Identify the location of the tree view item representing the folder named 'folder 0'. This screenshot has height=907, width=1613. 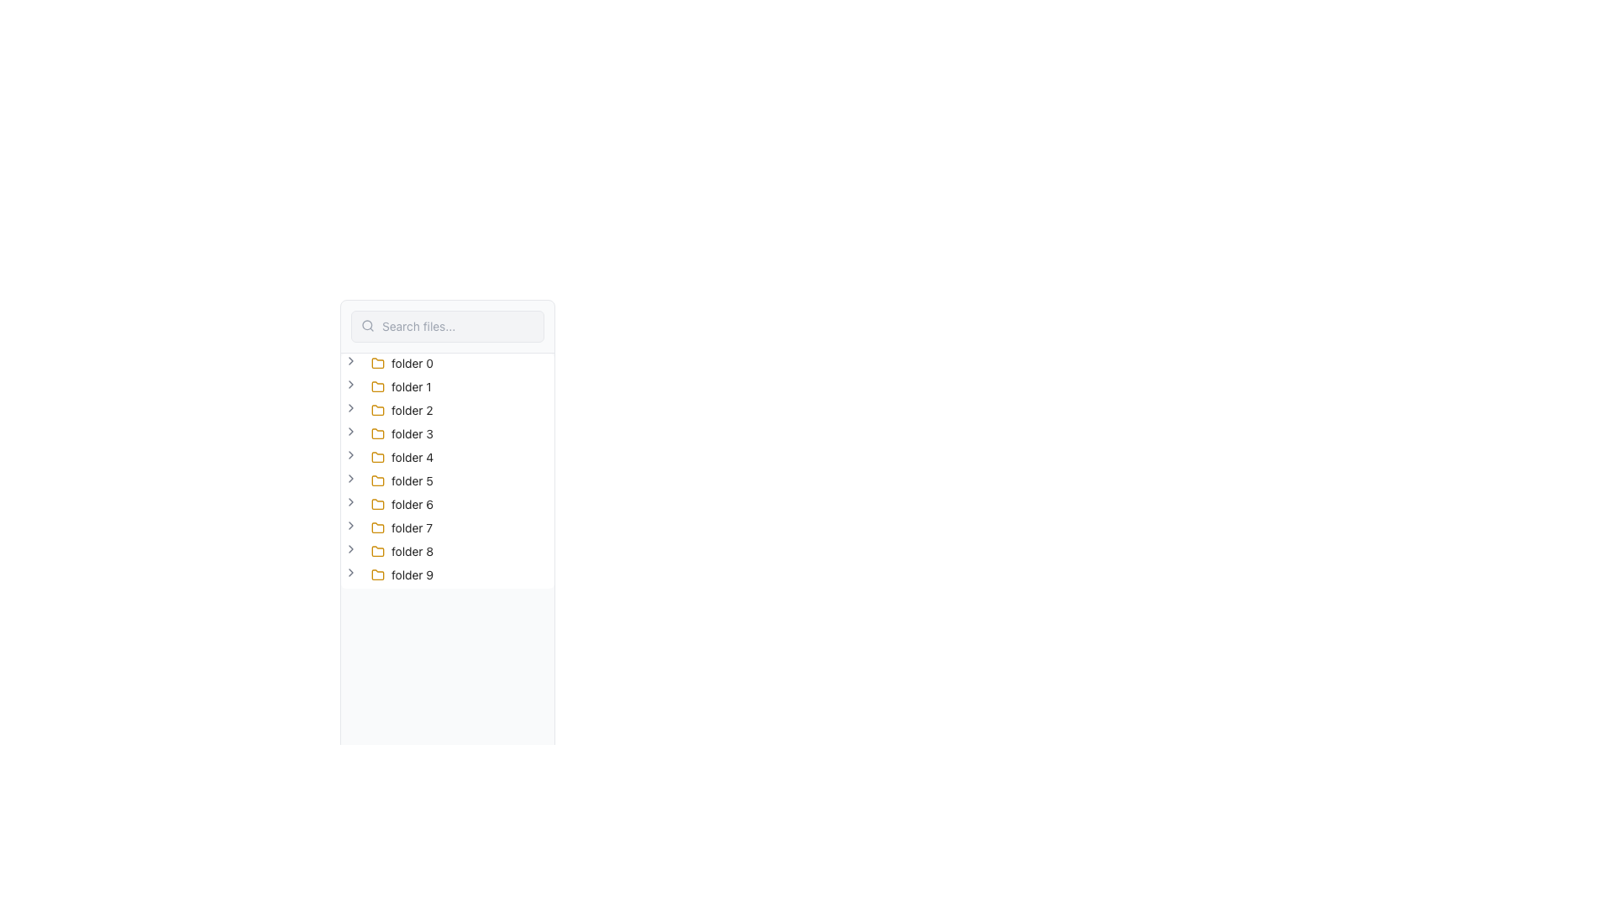
(402, 362).